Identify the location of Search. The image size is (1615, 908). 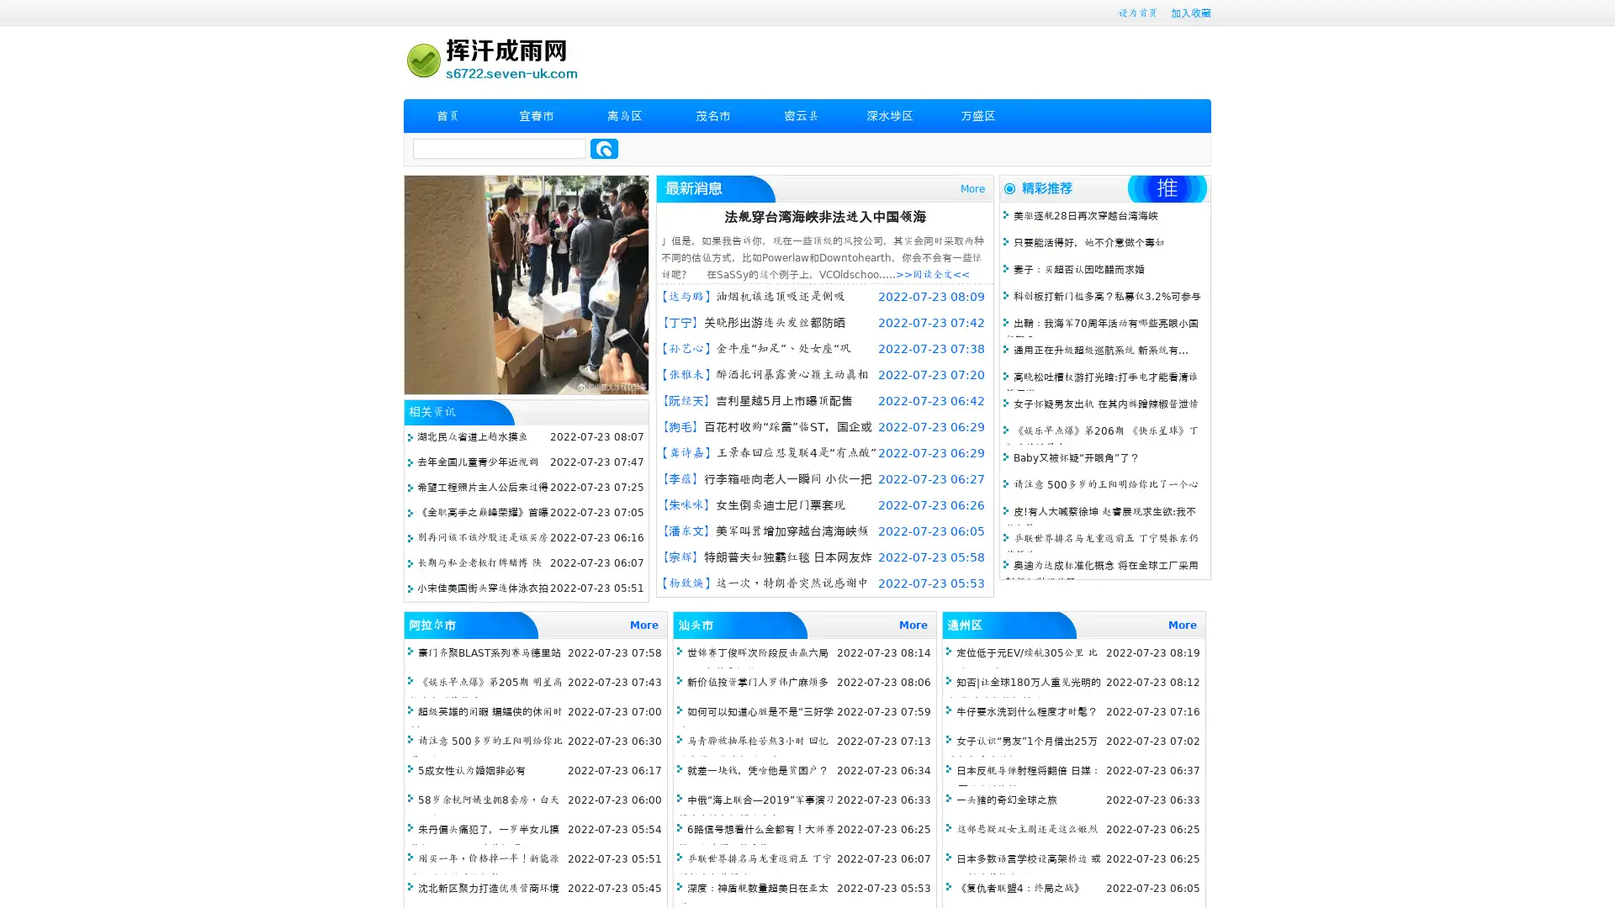
(604, 148).